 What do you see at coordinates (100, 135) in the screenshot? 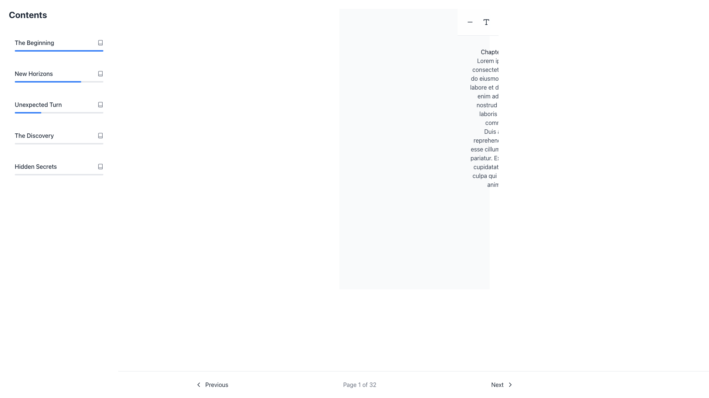
I see `the gray book icon located adjacent to the label 'The Discovery'` at bounding box center [100, 135].